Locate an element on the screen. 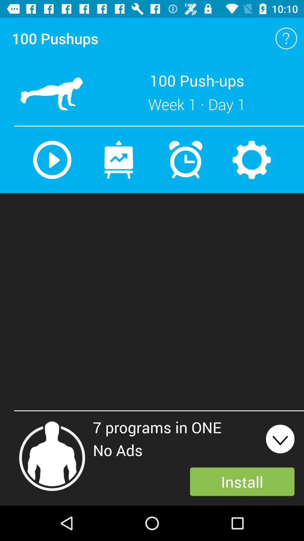 The image size is (304, 541). the play icon is located at coordinates (52, 159).